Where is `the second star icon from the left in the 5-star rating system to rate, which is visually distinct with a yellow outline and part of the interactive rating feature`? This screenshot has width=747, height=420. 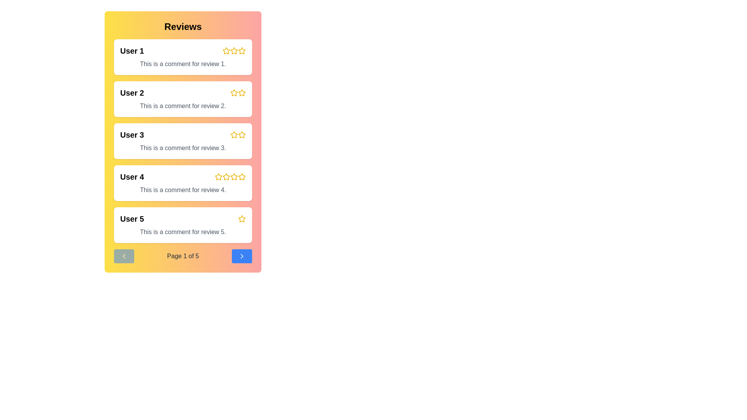 the second star icon from the left in the 5-star rating system to rate, which is visually distinct with a yellow outline and part of the interactive rating feature is located at coordinates (233, 93).